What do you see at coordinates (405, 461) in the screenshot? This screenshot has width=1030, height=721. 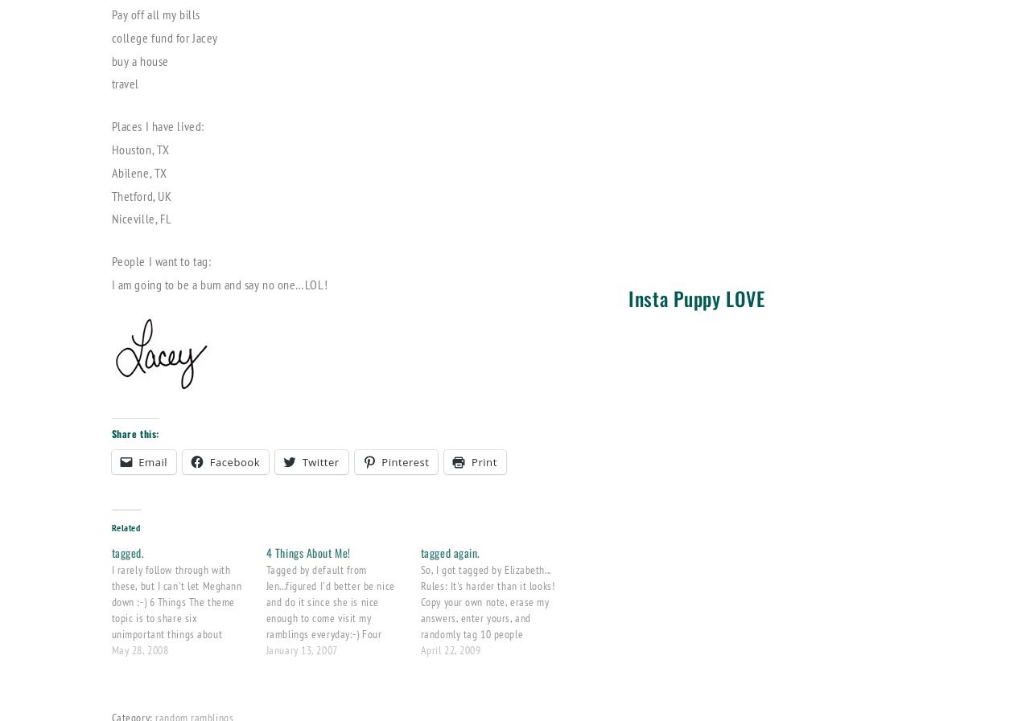 I see `'Pinterest'` at bounding box center [405, 461].